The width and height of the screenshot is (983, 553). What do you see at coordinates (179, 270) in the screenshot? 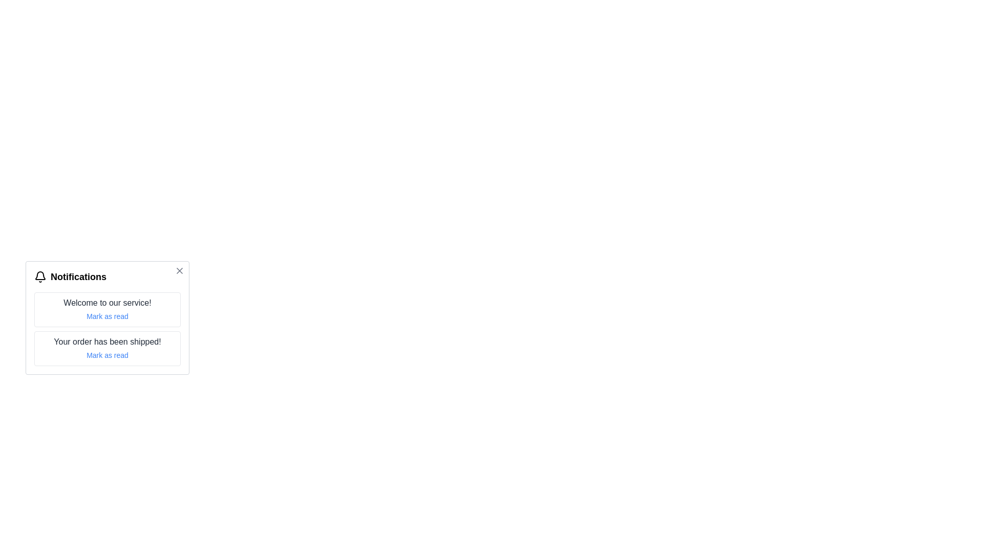
I see `the Close Icon (SVG) represented as a diagonal cross ('X') located in the top-right corner of the notification dialog` at bounding box center [179, 270].